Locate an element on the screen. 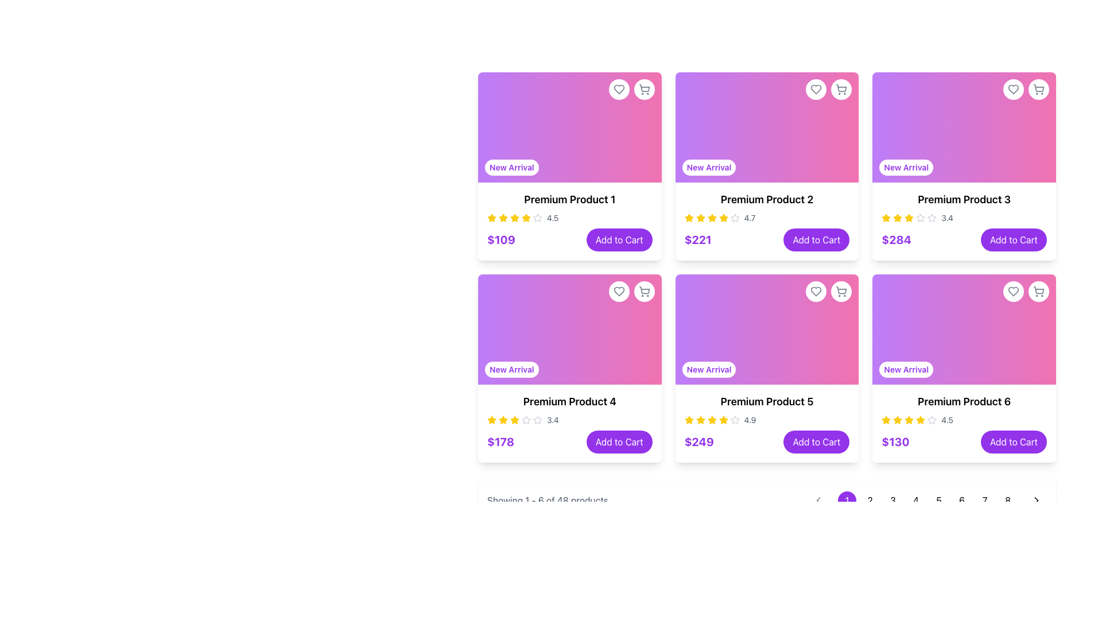 This screenshot has height=620, width=1102. the Text display element that shows the price of the product, located in the second row and second column of the product card grid, beneath the product's title and rating section is located at coordinates (699, 441).